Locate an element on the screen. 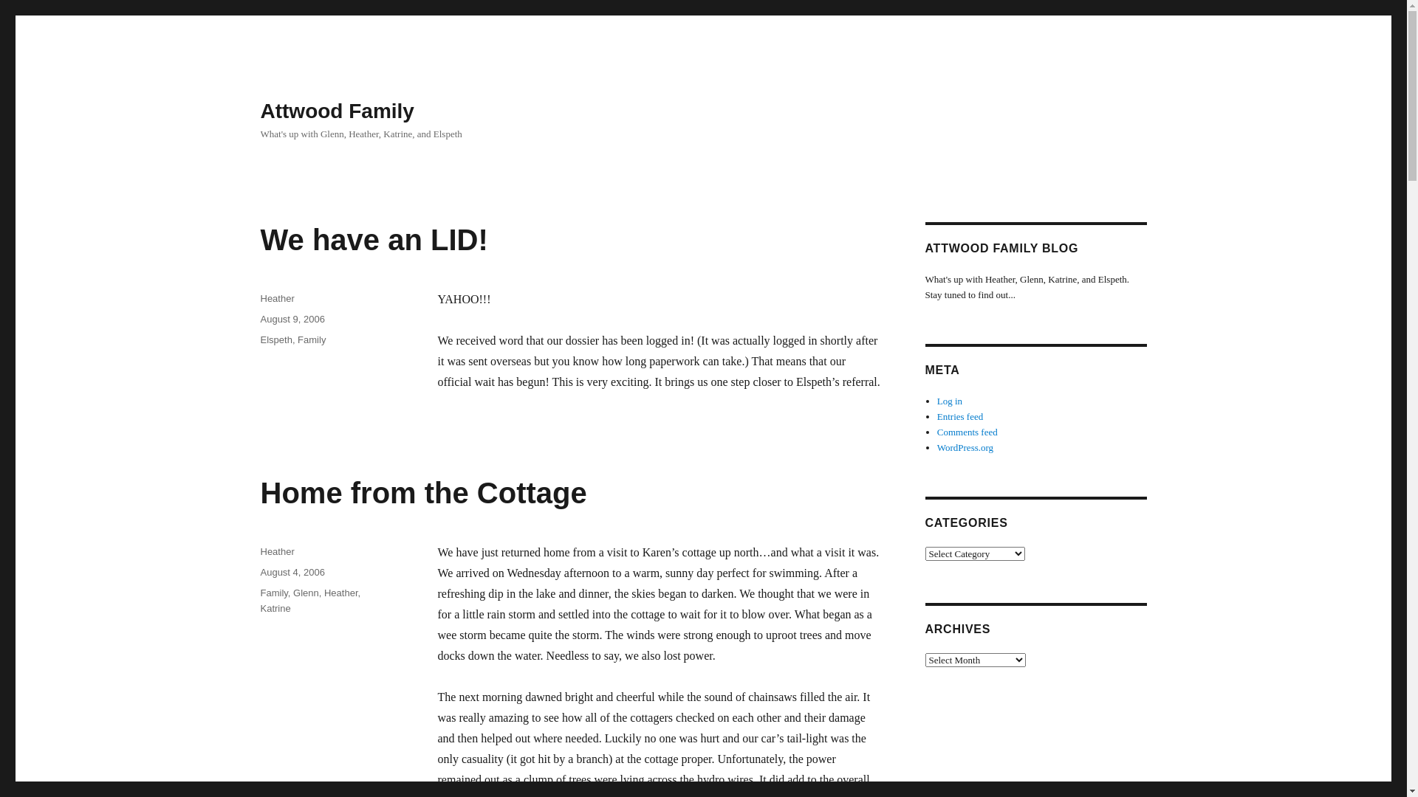  'Heather' is located at coordinates (323, 592).